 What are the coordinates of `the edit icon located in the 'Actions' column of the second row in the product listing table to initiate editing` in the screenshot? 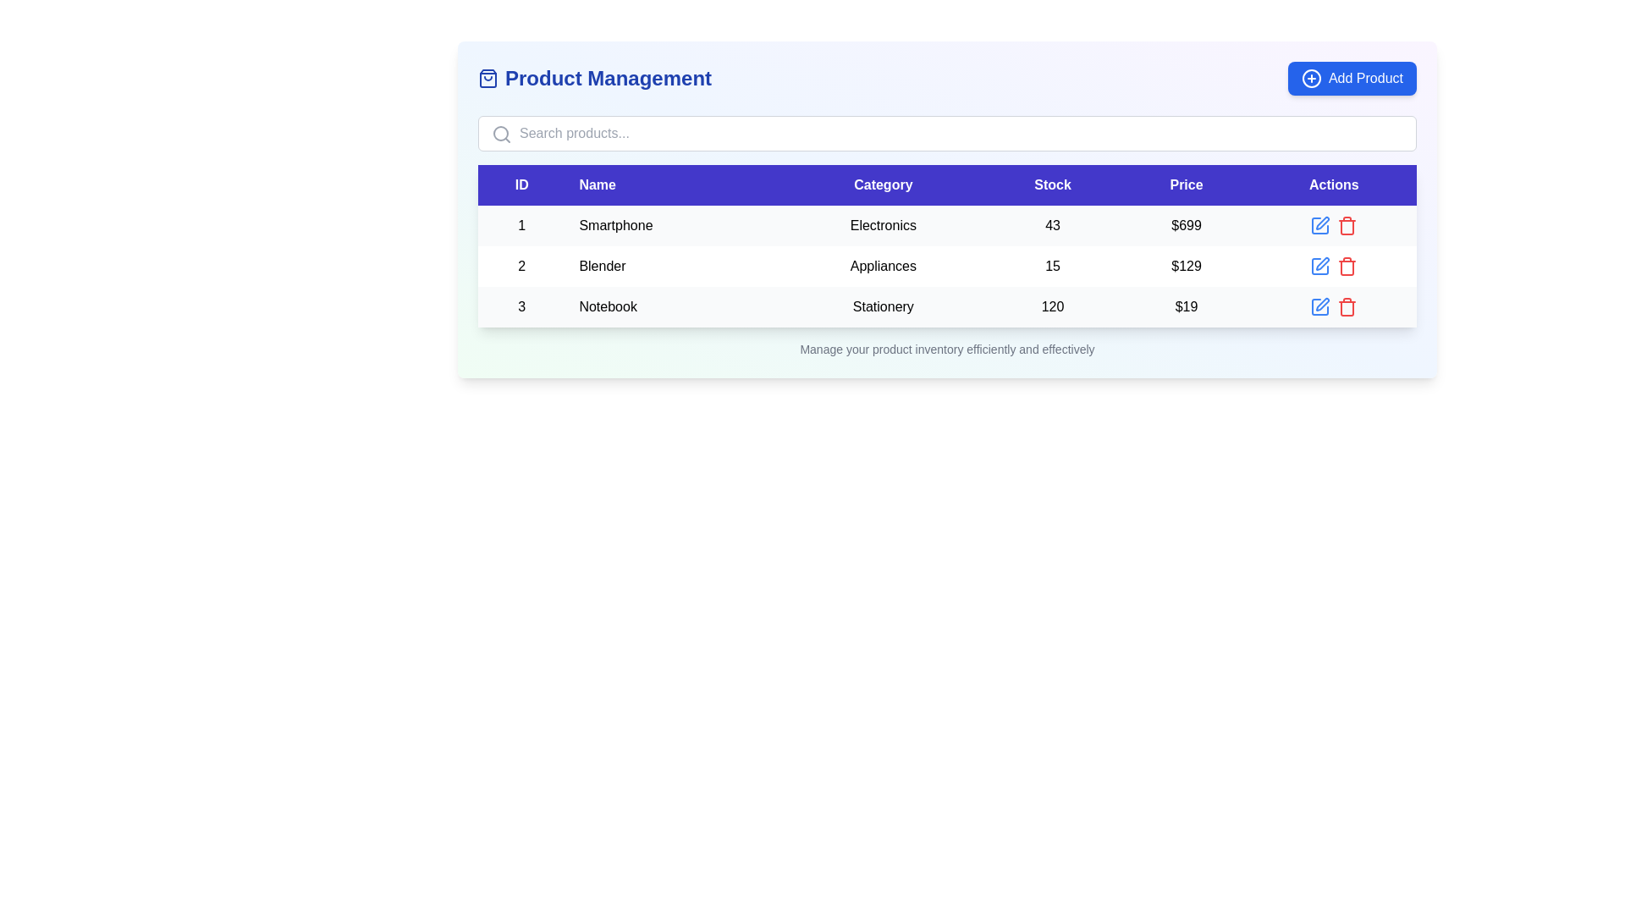 It's located at (1322, 264).